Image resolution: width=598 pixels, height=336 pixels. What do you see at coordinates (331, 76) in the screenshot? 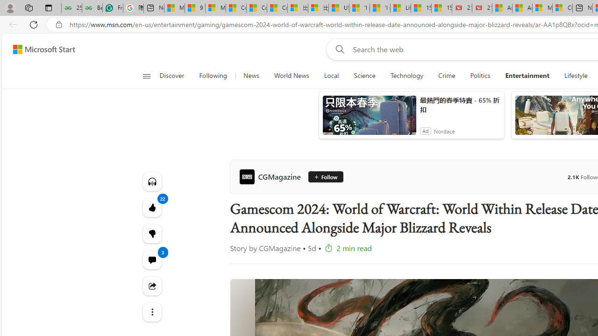
I see `'Local'` at bounding box center [331, 76].